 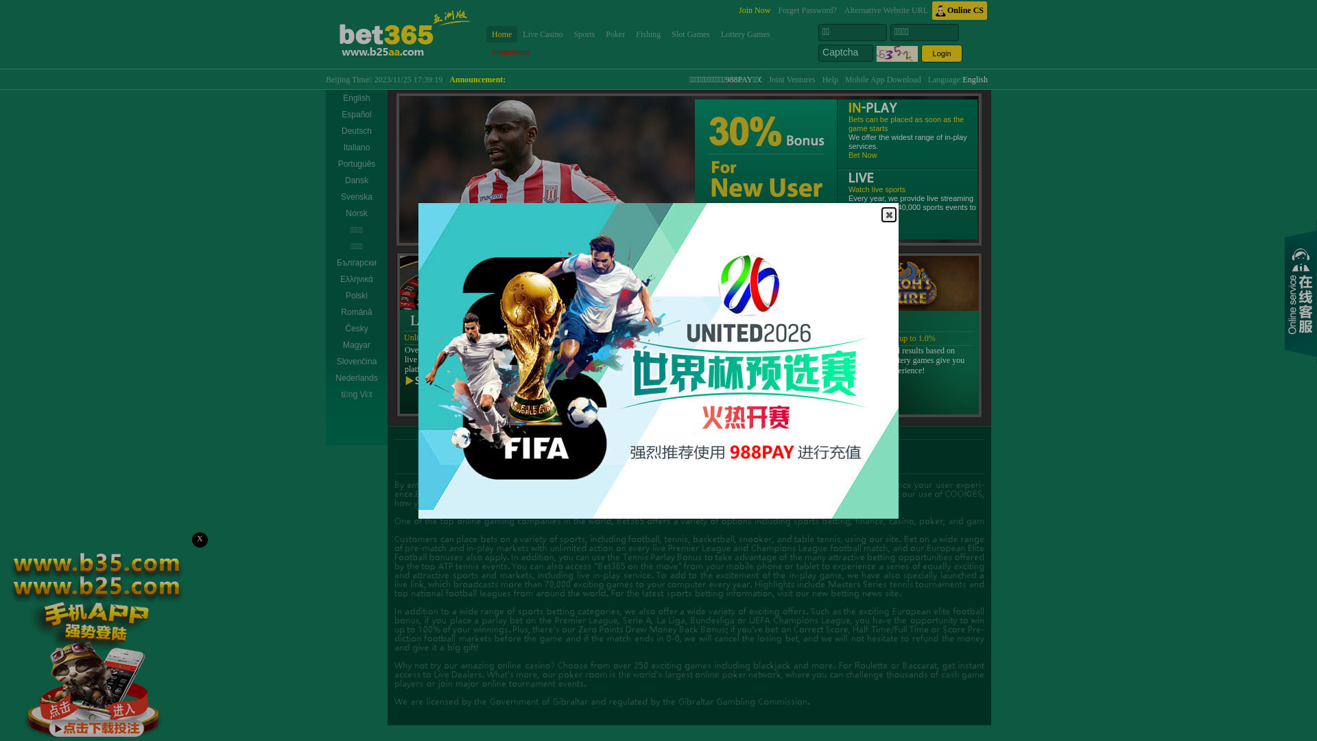 I want to click on 'Help', so click(x=829, y=79).